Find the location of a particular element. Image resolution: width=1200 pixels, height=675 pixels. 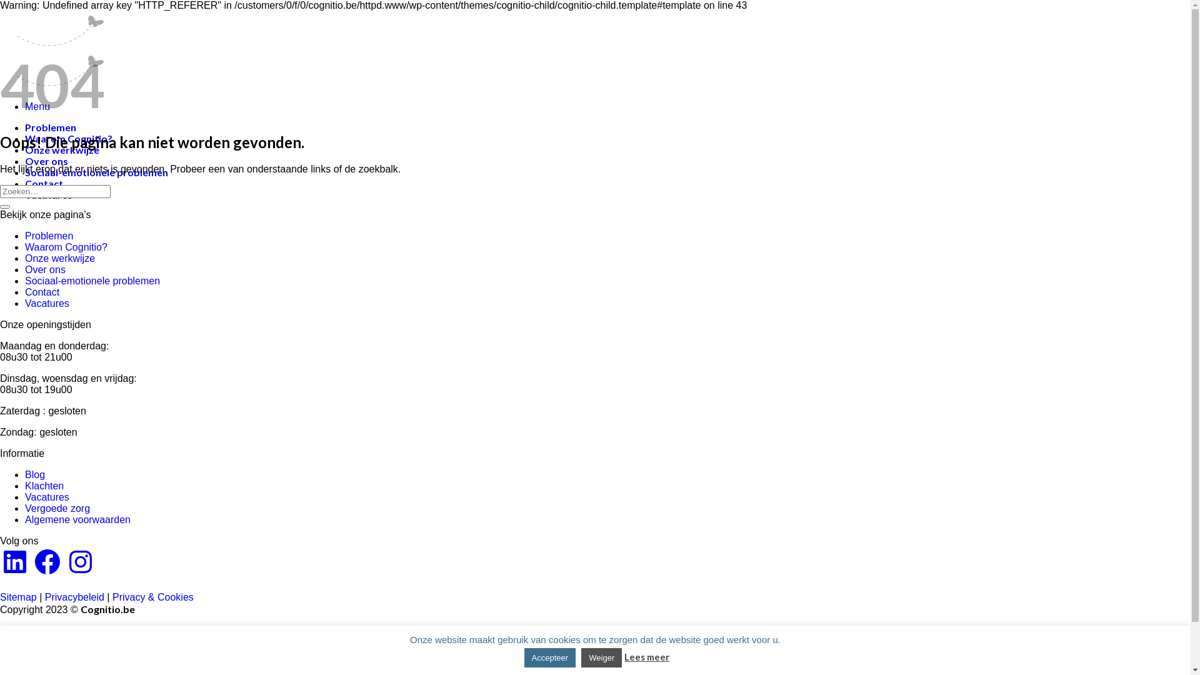

'Waarom Cognitio?' is located at coordinates (68, 644).